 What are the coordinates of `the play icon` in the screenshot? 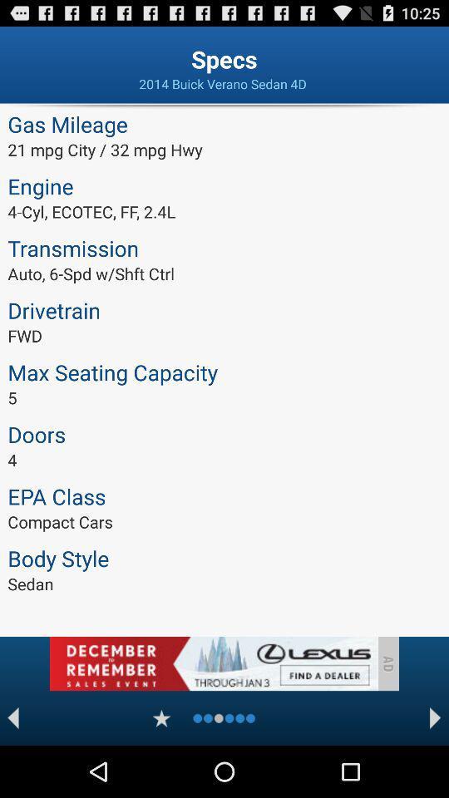 It's located at (435, 768).